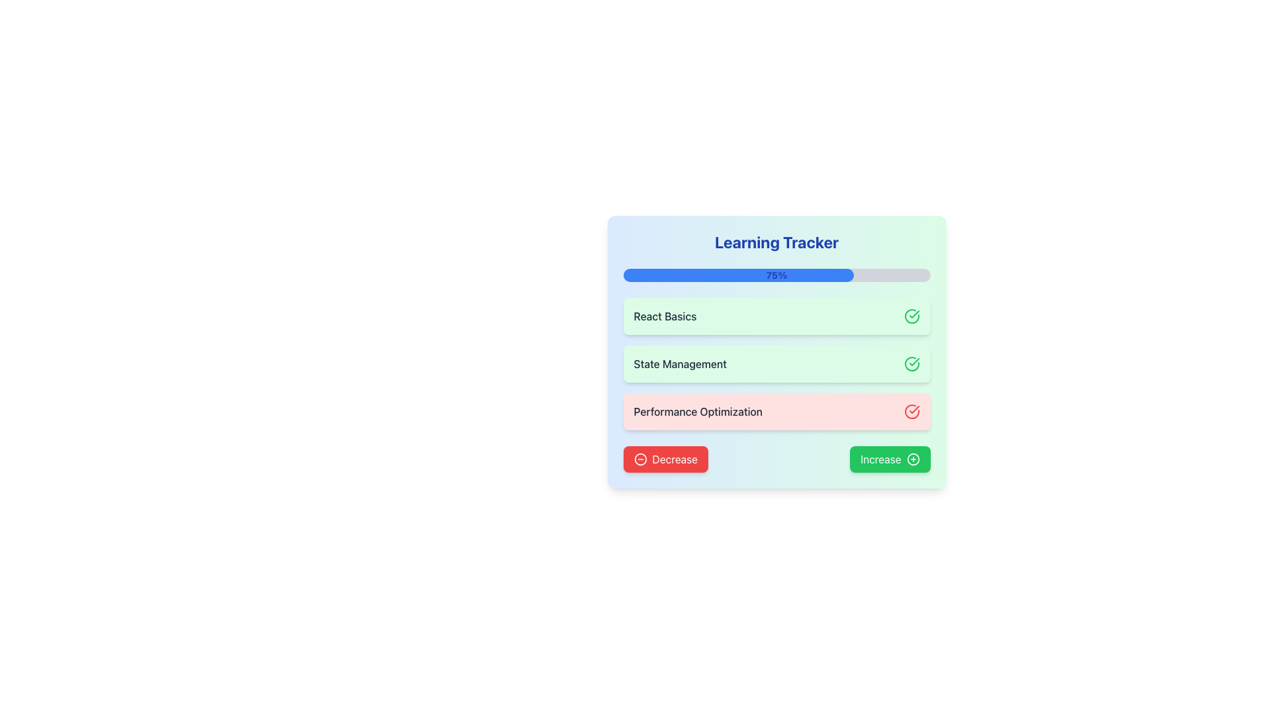 This screenshot has width=1271, height=715. What do you see at coordinates (680, 364) in the screenshot?
I see `text label titled 'State Management' which is located in a green-highlighted section, positioned between 'React Basics' and 'Performance Optimization'` at bounding box center [680, 364].